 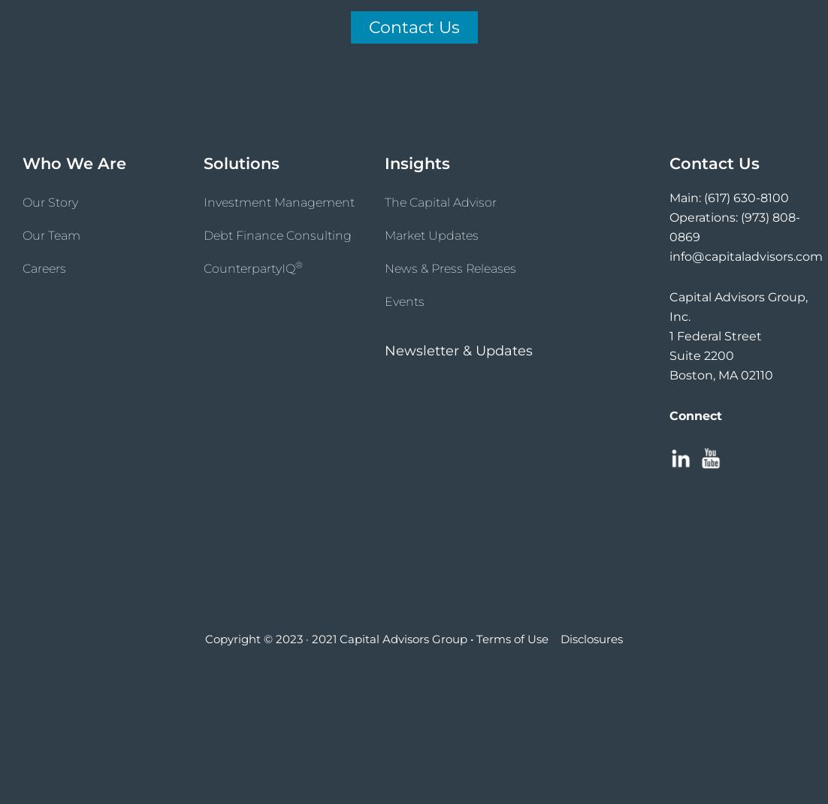 I want to click on 'Our Team', so click(x=21, y=234).